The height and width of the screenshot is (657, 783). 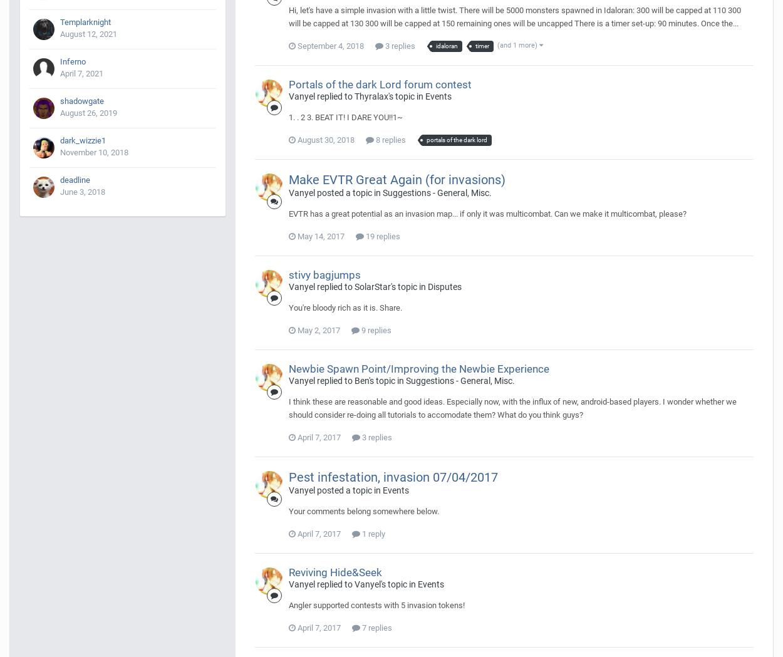 I want to click on 'Vanyel replied to SolarStar's topic in', so click(x=358, y=286).